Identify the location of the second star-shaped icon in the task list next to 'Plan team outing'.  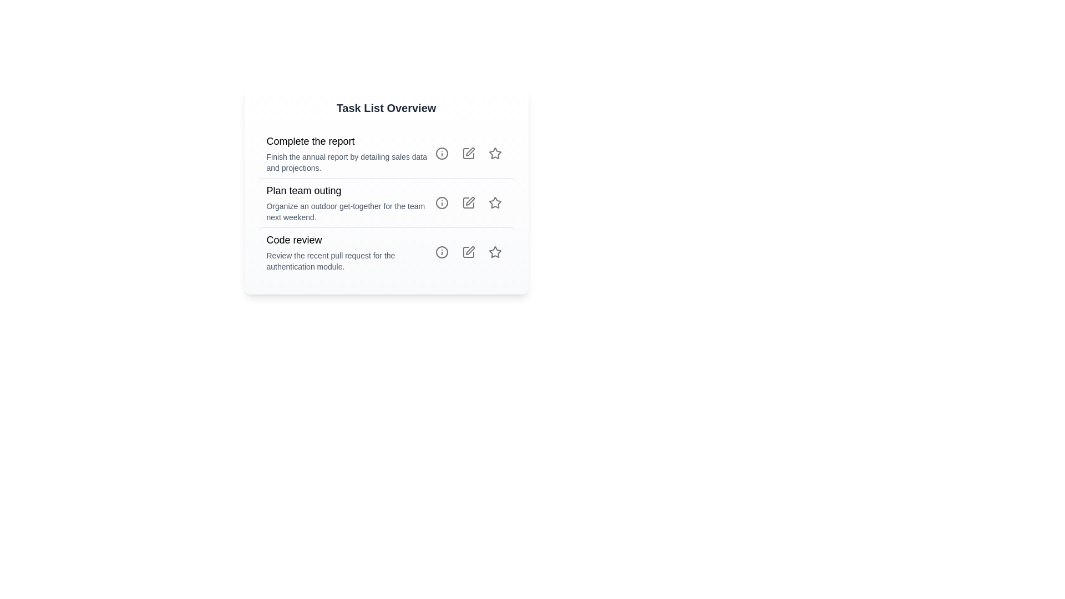
(494, 202).